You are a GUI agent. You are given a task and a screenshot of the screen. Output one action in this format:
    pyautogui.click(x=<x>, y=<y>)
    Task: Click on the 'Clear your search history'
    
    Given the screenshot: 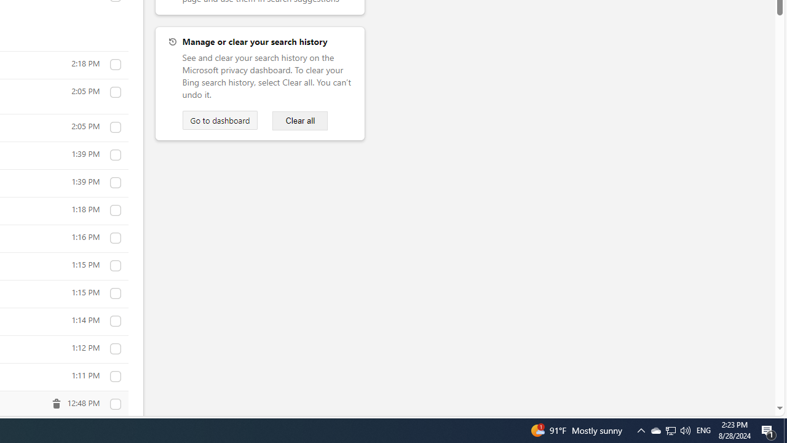 What is the action you would take?
    pyautogui.click(x=300, y=121)
    